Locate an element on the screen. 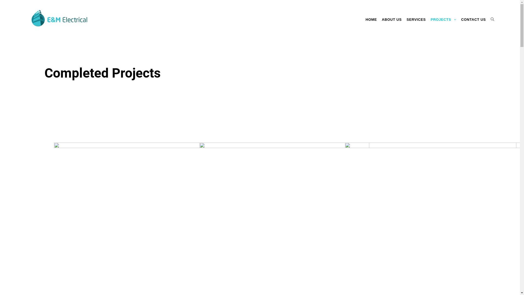  'PROJECTS' is located at coordinates (443, 19).